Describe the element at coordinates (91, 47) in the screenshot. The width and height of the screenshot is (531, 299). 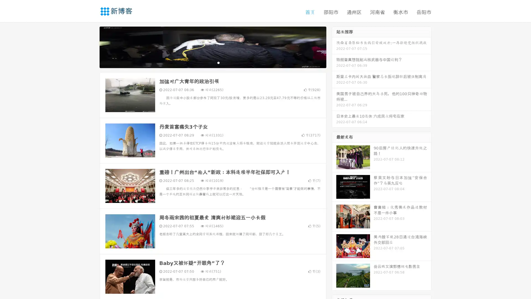
I see `Previous slide` at that location.